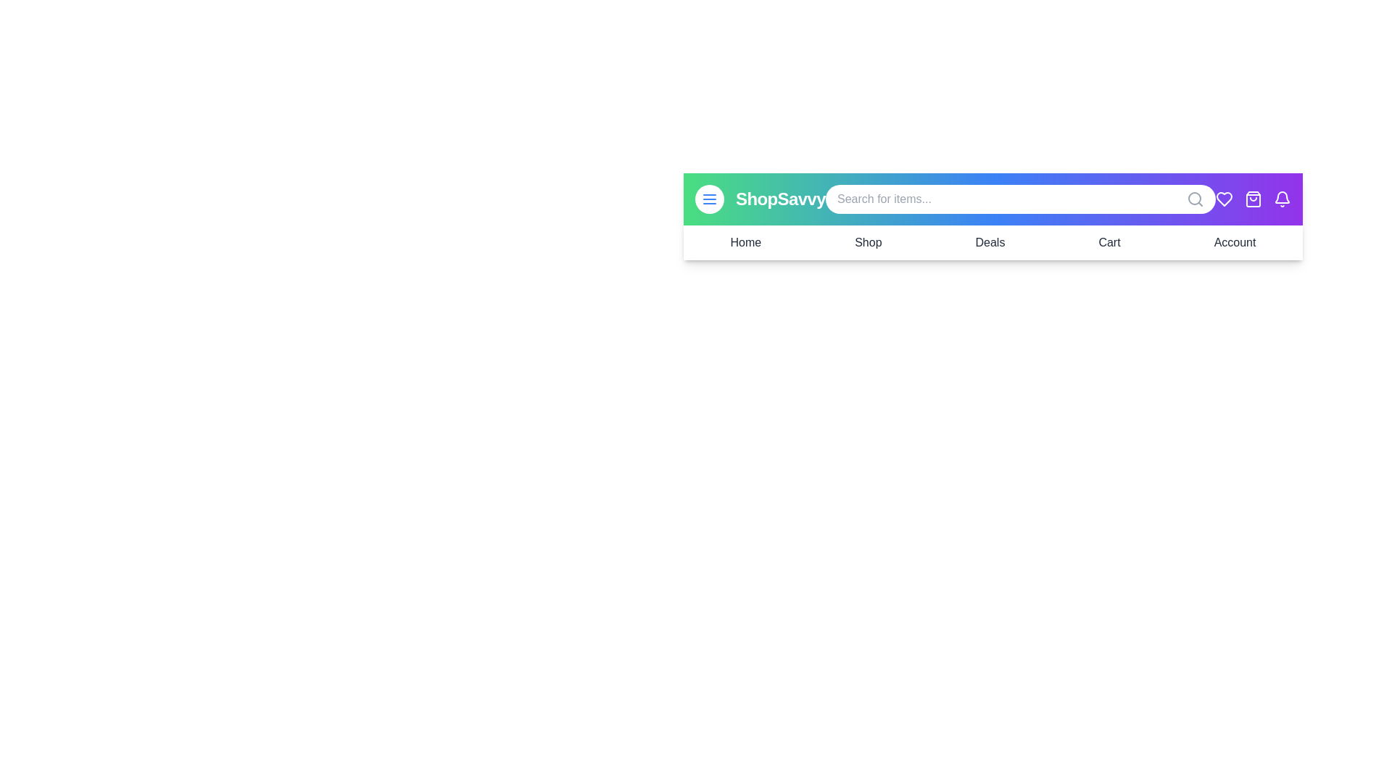 The height and width of the screenshot is (783, 1392). What do you see at coordinates (1224, 199) in the screenshot?
I see `heart icon to mark an item as favorite` at bounding box center [1224, 199].